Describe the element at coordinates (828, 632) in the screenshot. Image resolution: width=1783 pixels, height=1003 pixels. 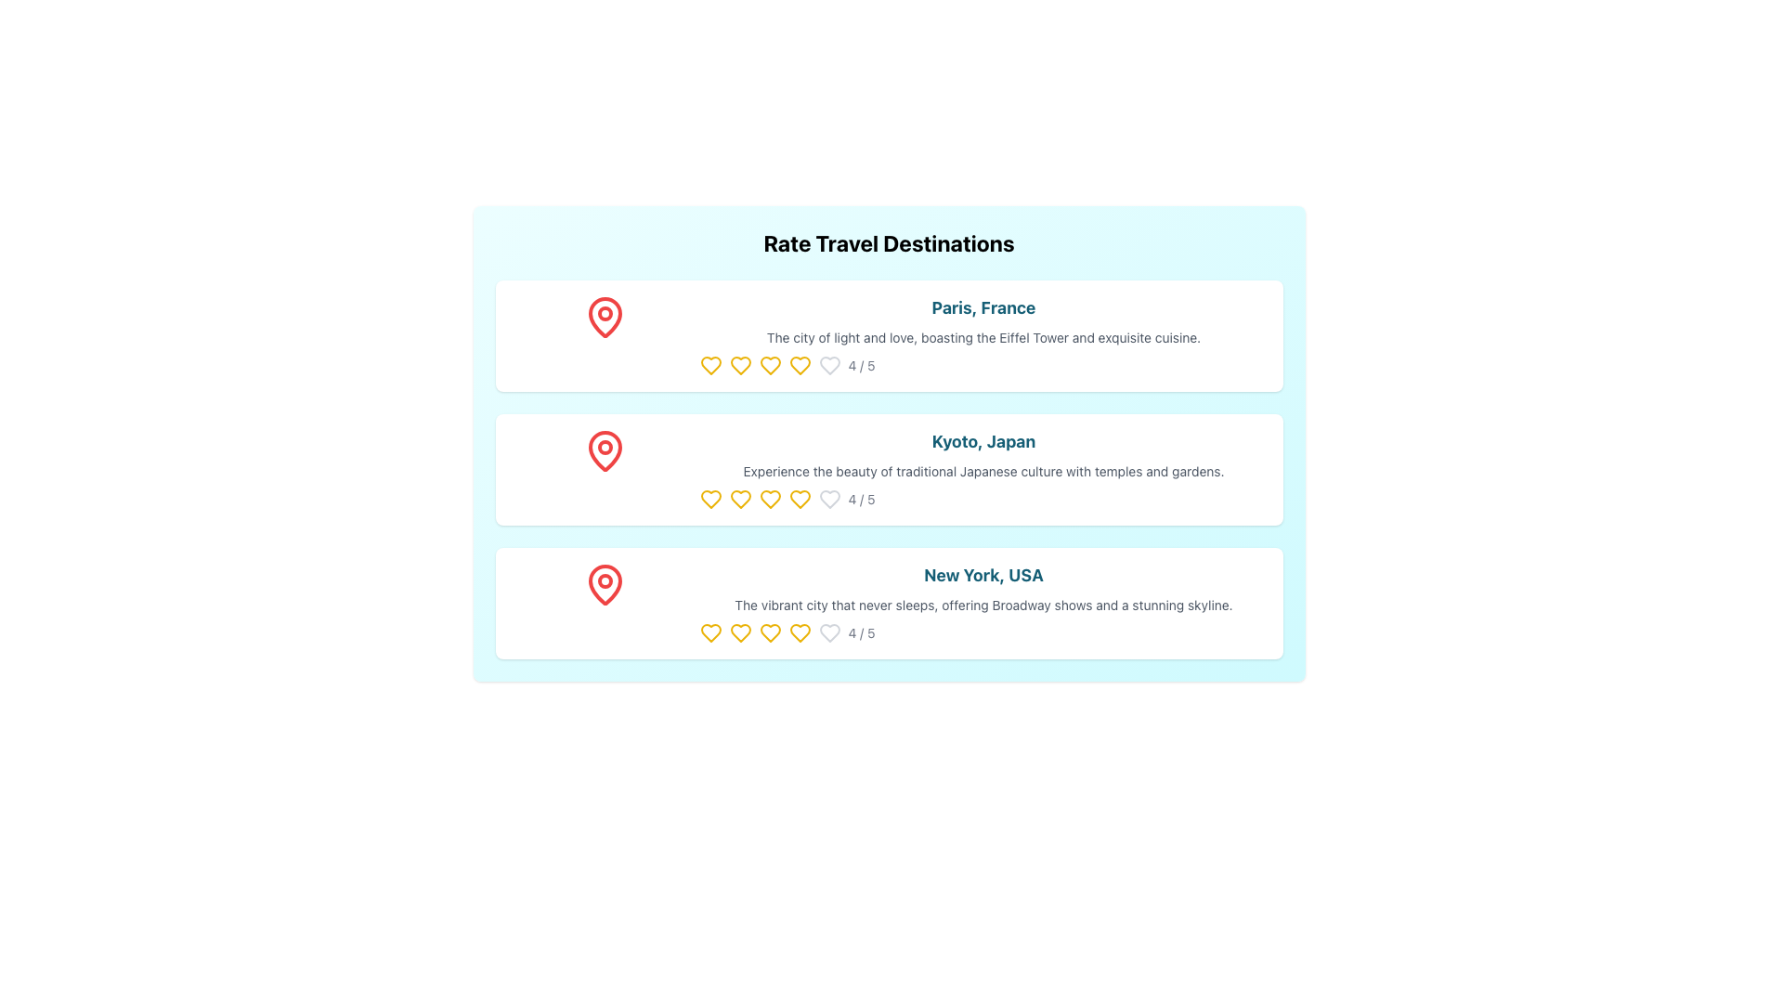
I see `the fifth heart icon in the series of six hearts under the 'New York, USA' card` at that location.